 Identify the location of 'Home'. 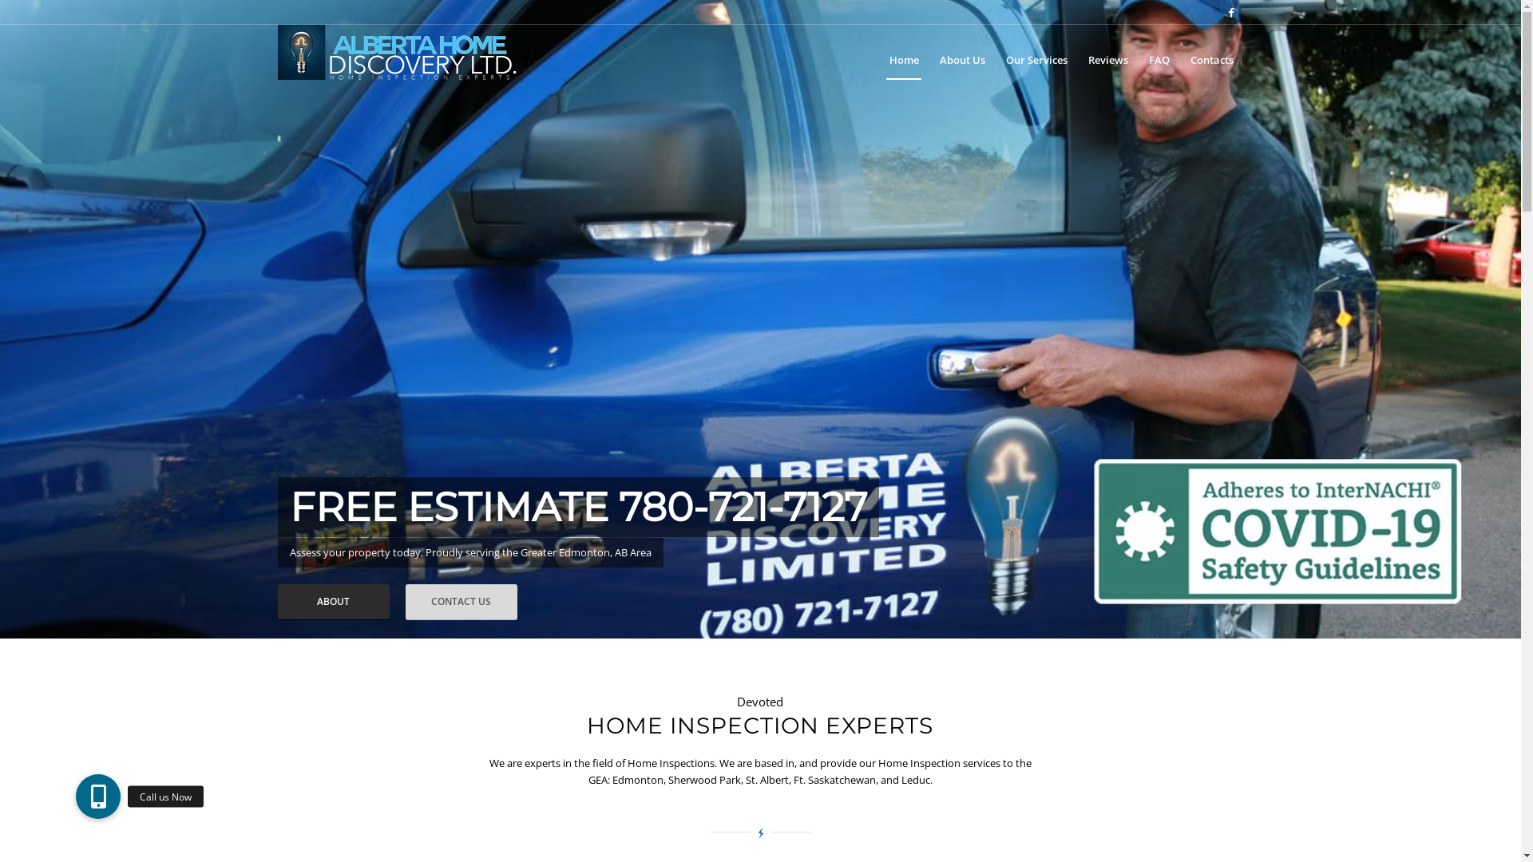
(903, 58).